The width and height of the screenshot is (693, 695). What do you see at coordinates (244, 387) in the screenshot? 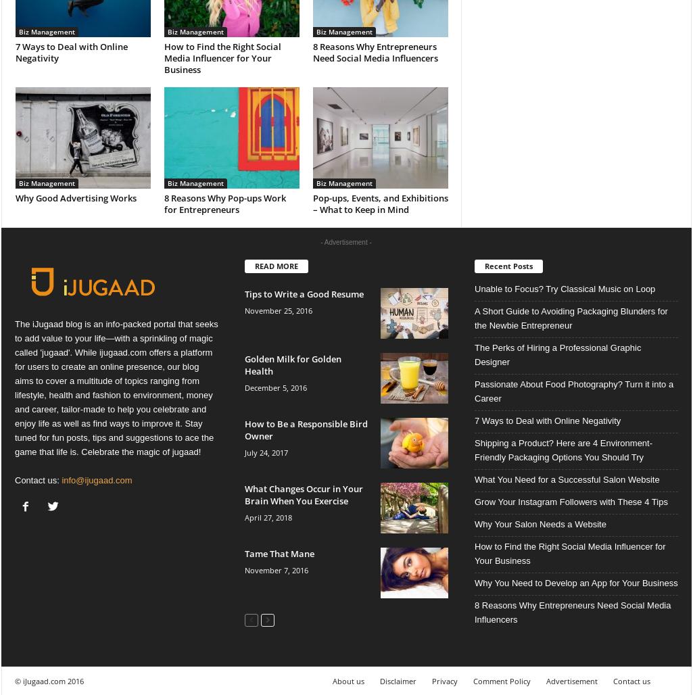
I see `'December 5, 2016'` at bounding box center [244, 387].